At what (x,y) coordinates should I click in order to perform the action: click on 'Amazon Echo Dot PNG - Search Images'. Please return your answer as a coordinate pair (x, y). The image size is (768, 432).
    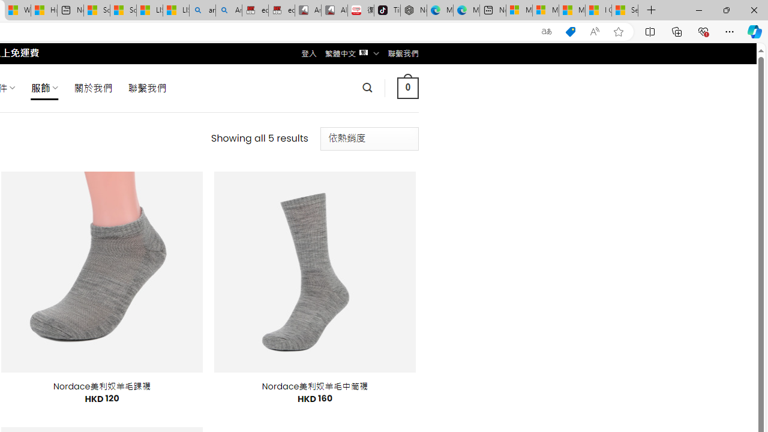
    Looking at the image, I should click on (229, 10).